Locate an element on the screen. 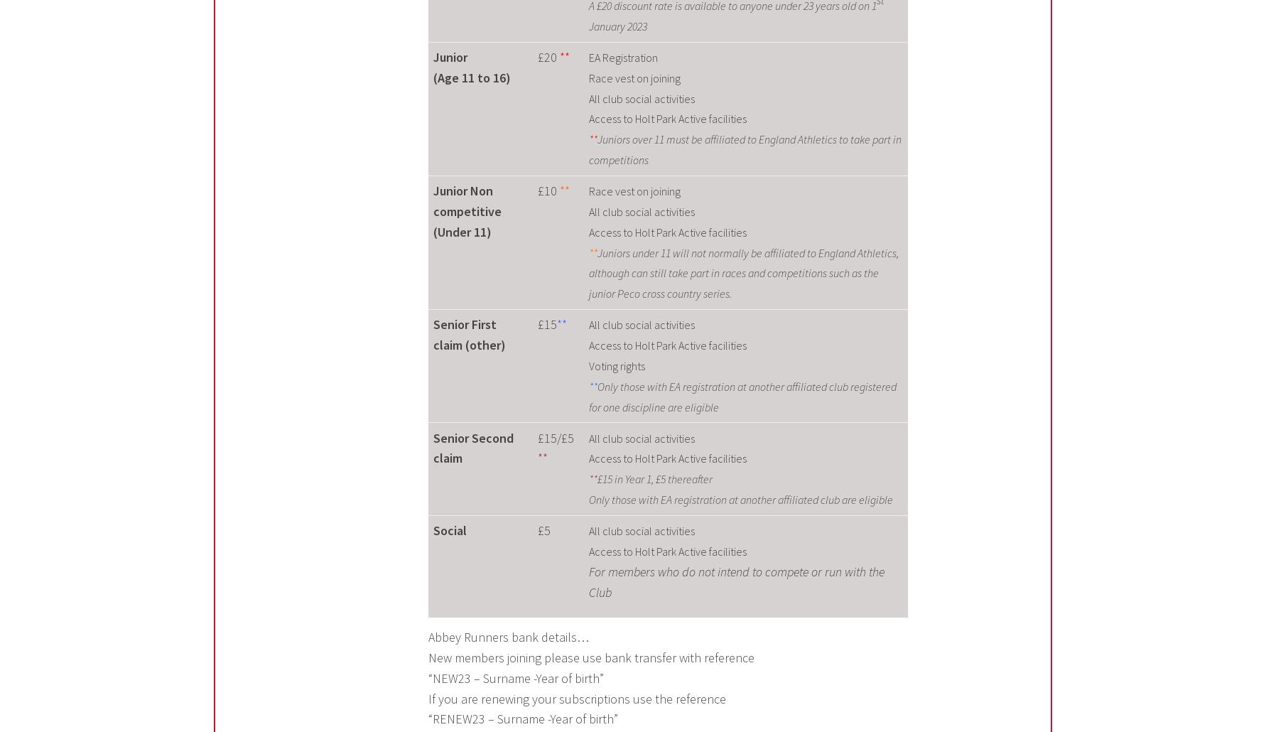 The image size is (1266, 732). 'EA Registration' is located at coordinates (622, 57).